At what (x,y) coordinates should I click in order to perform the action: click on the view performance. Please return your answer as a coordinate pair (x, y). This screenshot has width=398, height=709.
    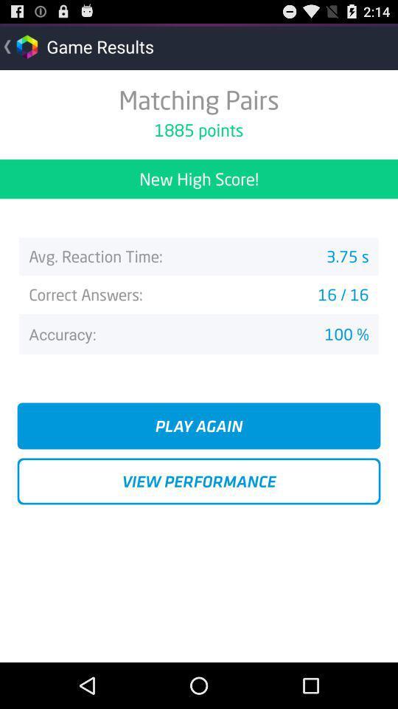
    Looking at the image, I should click on (199, 480).